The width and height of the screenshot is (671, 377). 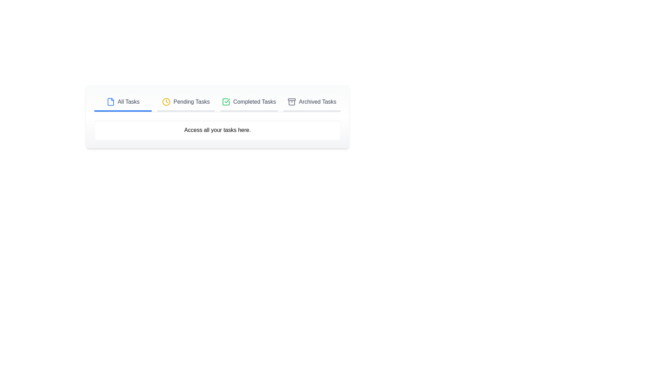 What do you see at coordinates (186, 102) in the screenshot?
I see `the tab corresponding to Pending Tasks` at bounding box center [186, 102].